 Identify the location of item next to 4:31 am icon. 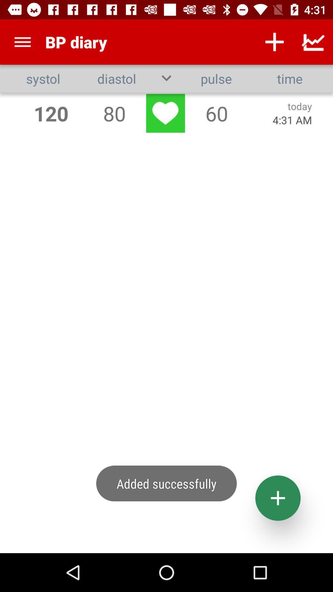
(216, 113).